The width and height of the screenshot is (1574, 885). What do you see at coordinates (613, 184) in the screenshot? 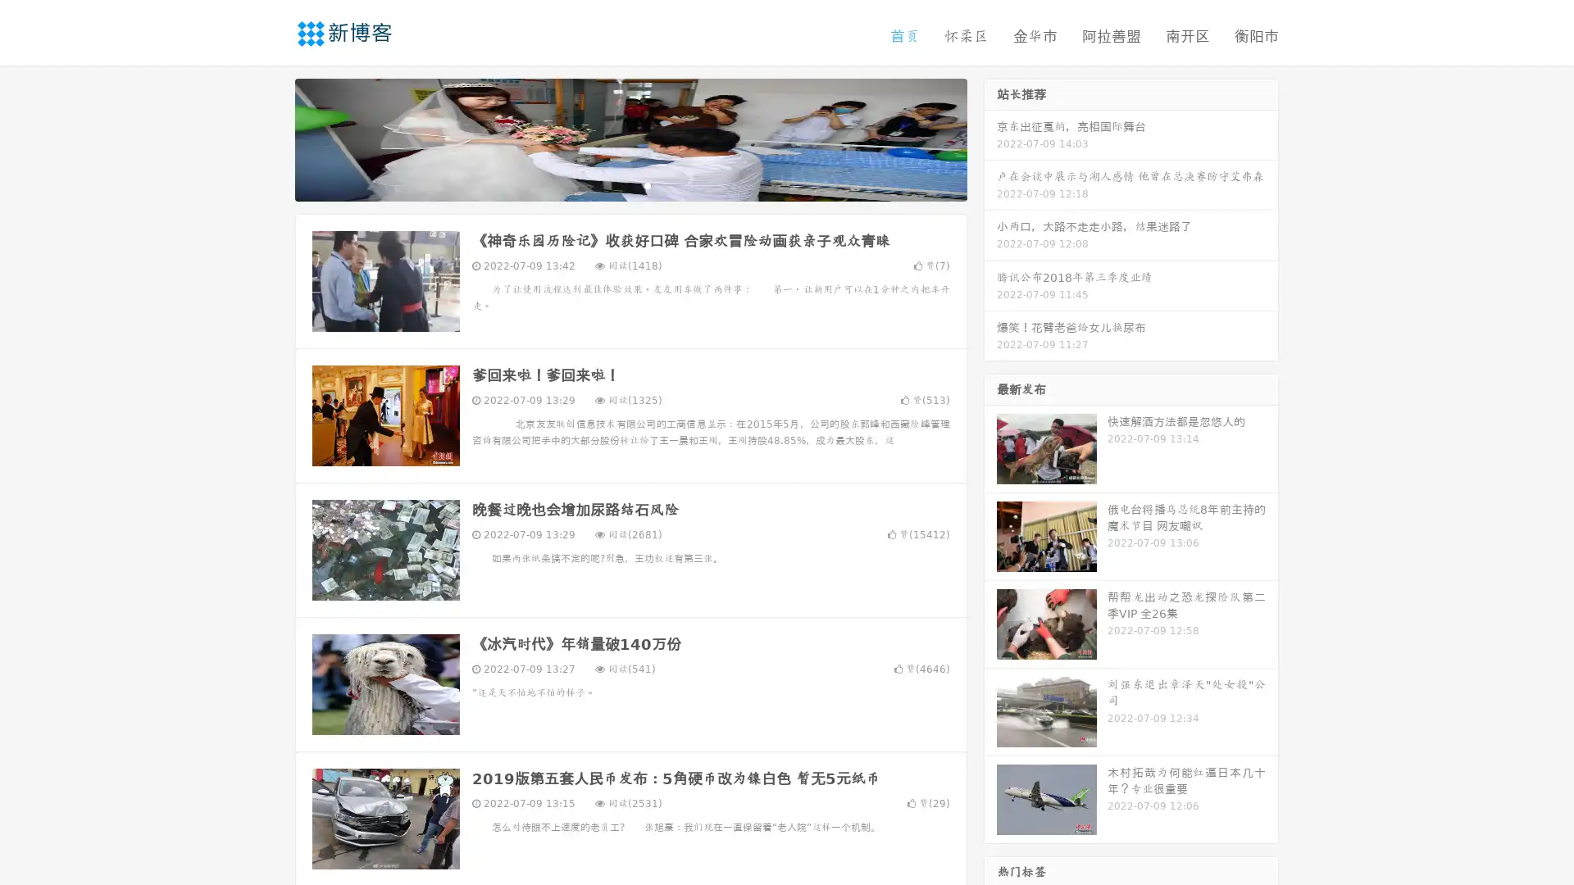
I see `Go to slide 1` at bounding box center [613, 184].